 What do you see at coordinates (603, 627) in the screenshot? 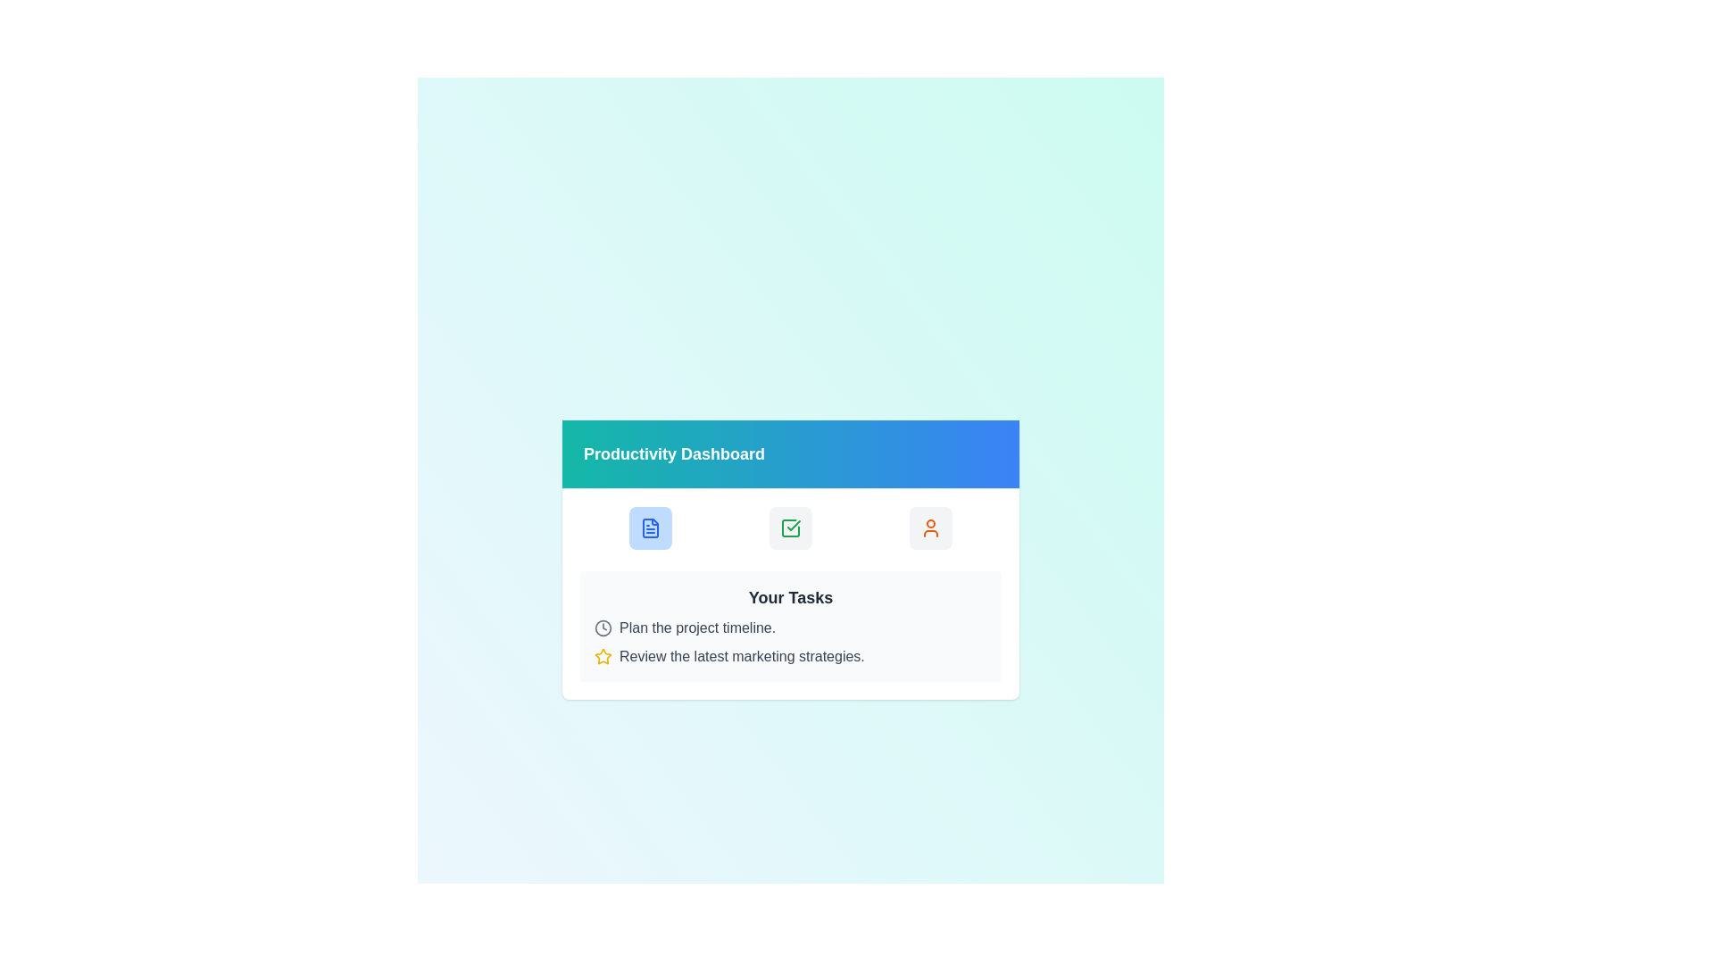
I see `the circular clock icon, which is located to the left of the text 'Plan the project timeline.'` at bounding box center [603, 627].